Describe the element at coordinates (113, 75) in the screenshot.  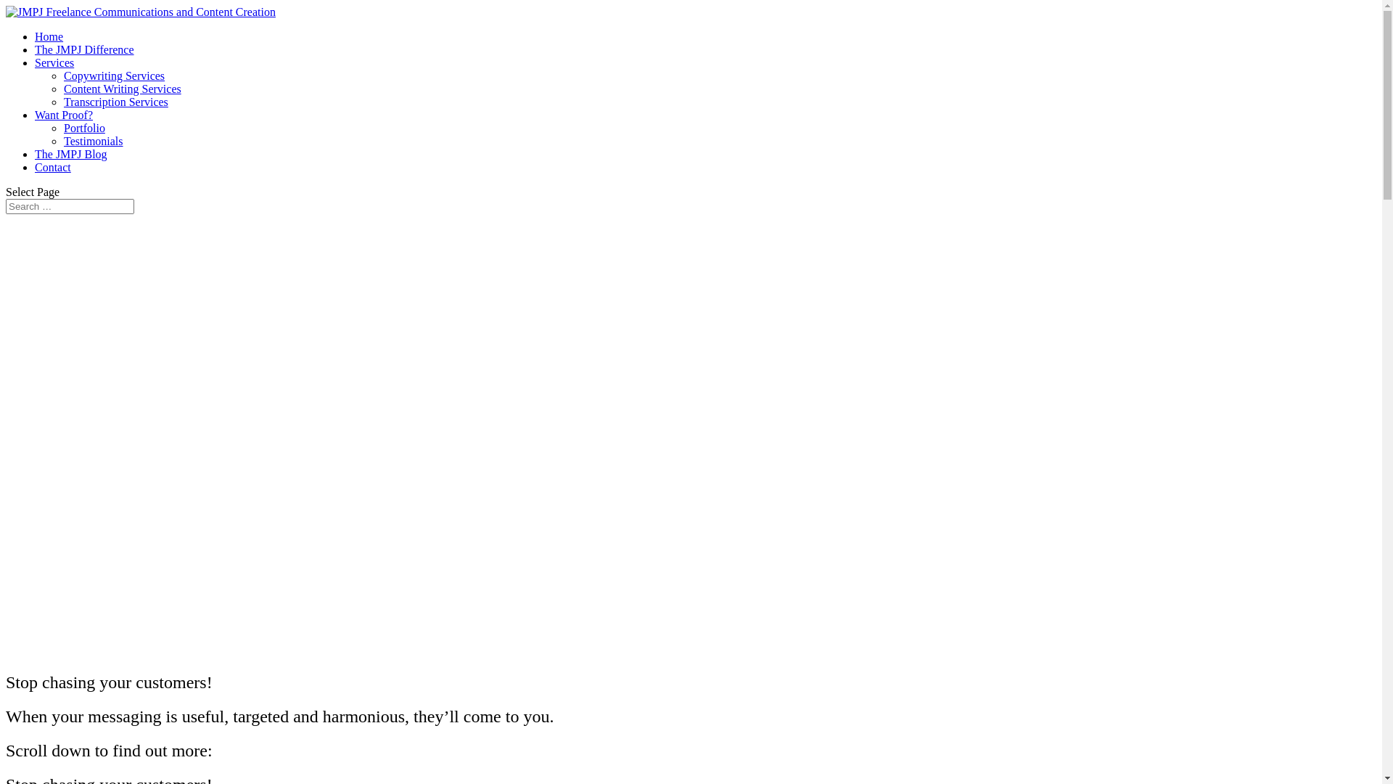
I see `'Copywriting Services'` at that location.